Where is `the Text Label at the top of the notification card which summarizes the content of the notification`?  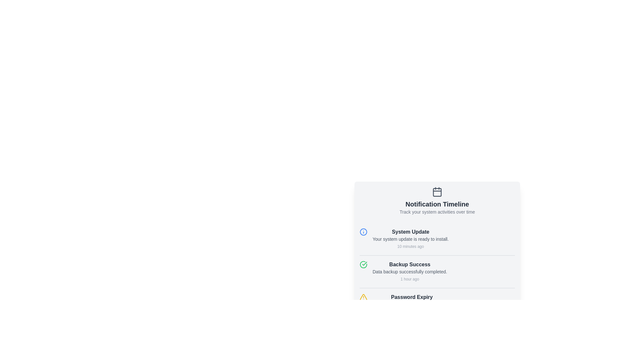 the Text Label at the top of the notification card which summarizes the content of the notification is located at coordinates (410, 231).